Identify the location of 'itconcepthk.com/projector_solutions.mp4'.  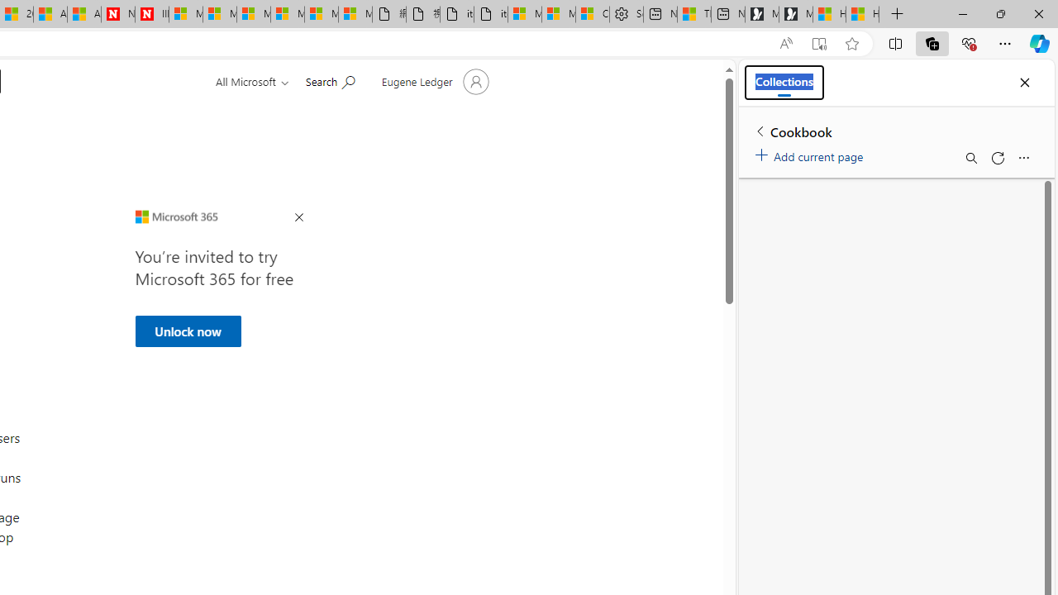
(489, 14).